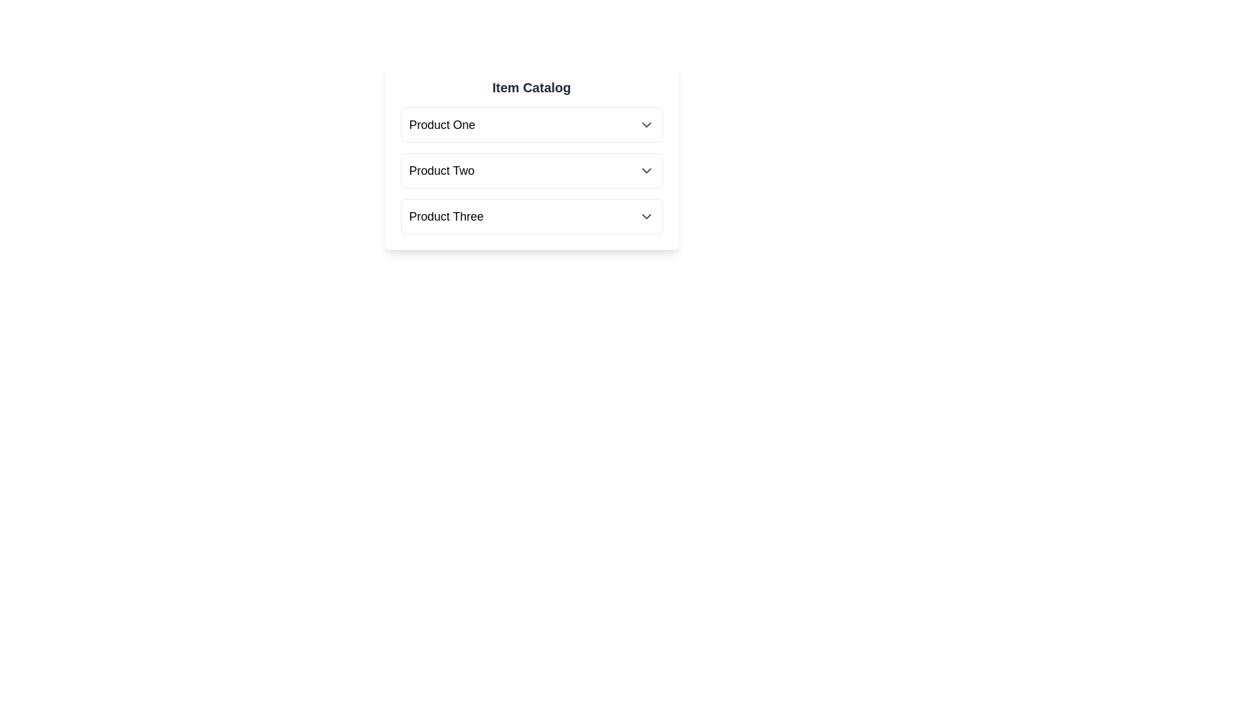 This screenshot has width=1258, height=707. Describe the element at coordinates (441, 170) in the screenshot. I see `the product name Product Two to toggle its selection` at that location.